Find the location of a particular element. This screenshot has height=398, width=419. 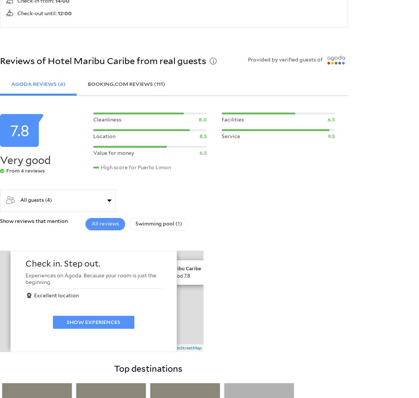

'7.8' is located at coordinates (10, 131).